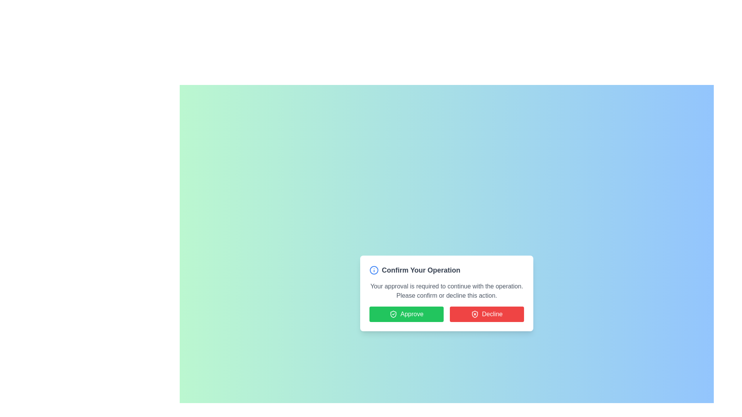  I want to click on the decline button represented by an SVG graphic with a shield and cross, so click(475, 314).